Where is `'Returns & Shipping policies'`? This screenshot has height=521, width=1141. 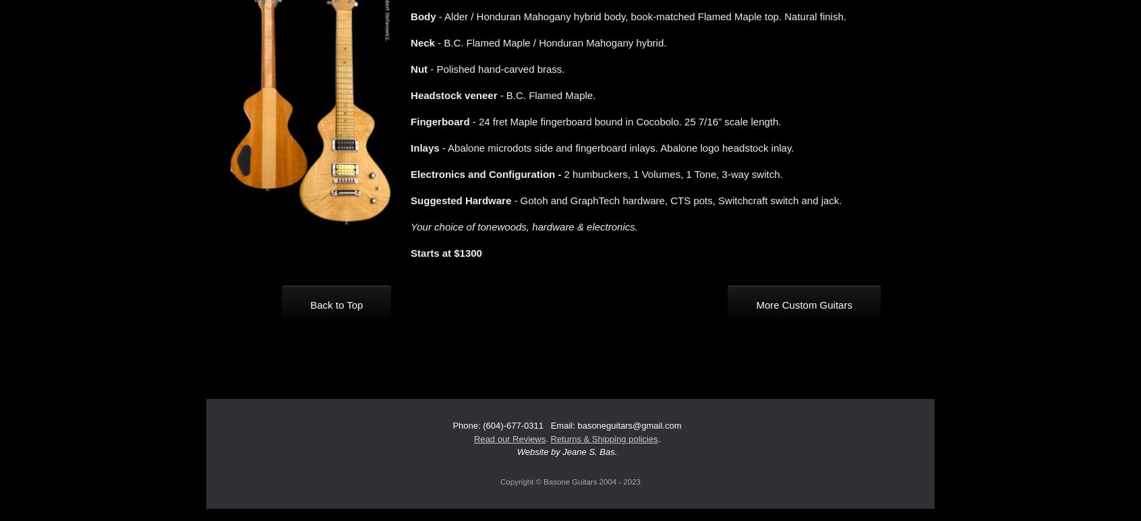 'Returns & Shipping policies' is located at coordinates (603, 438).